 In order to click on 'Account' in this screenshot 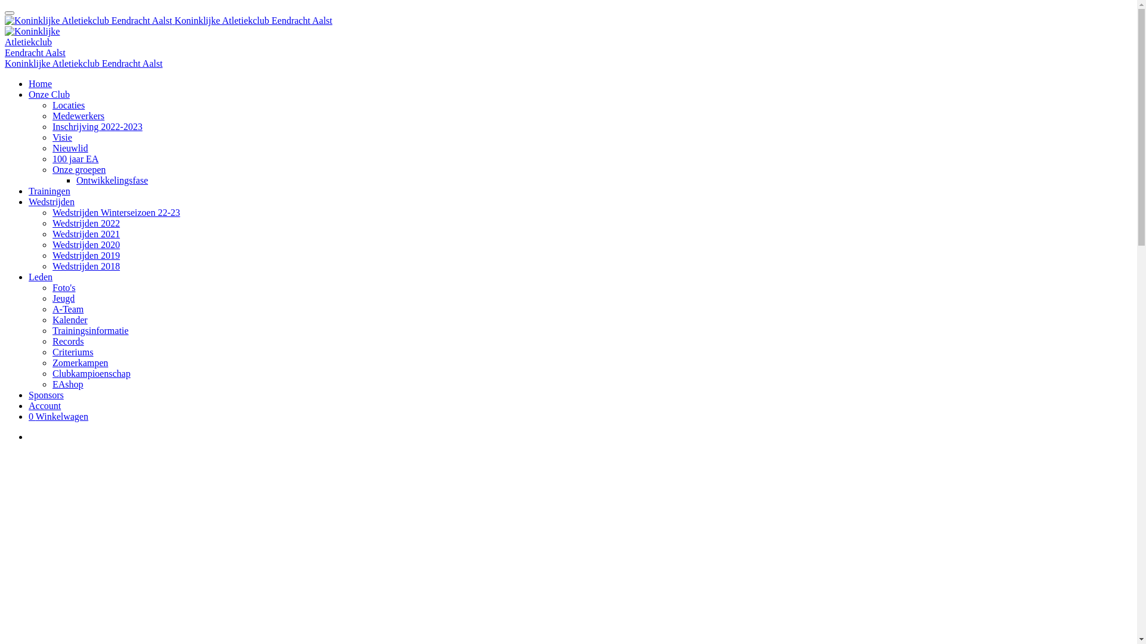, I will do `click(45, 405)`.